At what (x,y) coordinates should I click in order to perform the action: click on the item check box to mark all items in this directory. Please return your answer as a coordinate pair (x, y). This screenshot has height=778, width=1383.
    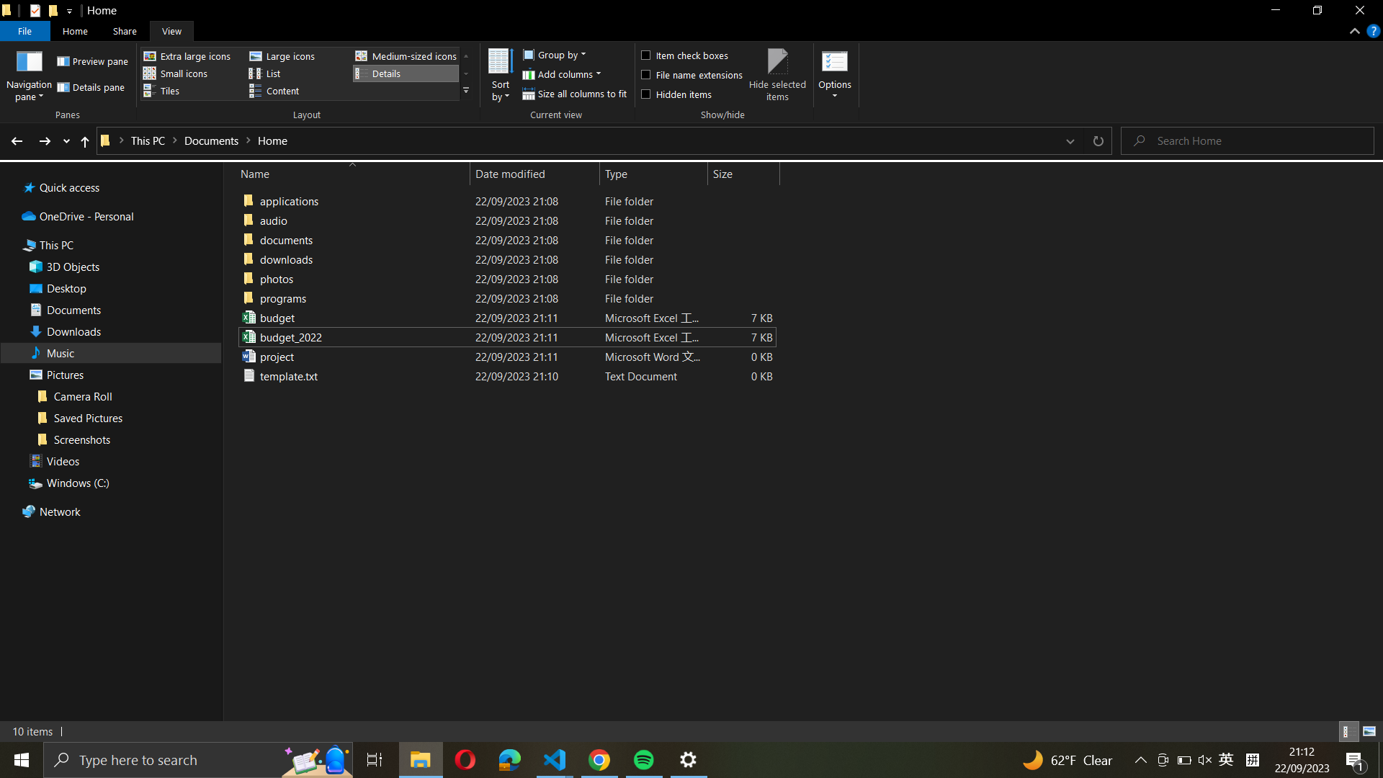
    Looking at the image, I should click on (689, 53).